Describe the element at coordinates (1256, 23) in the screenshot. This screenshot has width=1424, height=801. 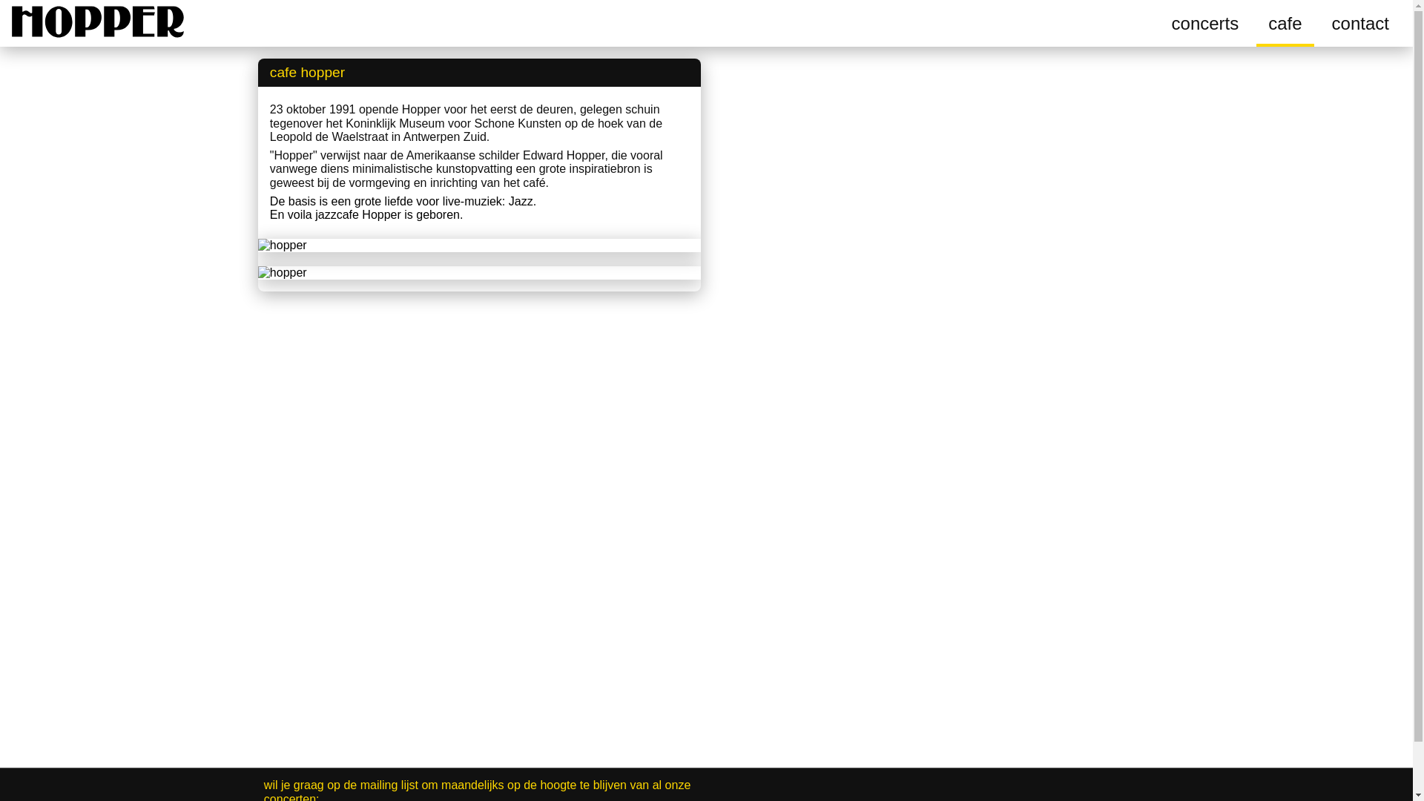
I see `'cafe'` at that location.